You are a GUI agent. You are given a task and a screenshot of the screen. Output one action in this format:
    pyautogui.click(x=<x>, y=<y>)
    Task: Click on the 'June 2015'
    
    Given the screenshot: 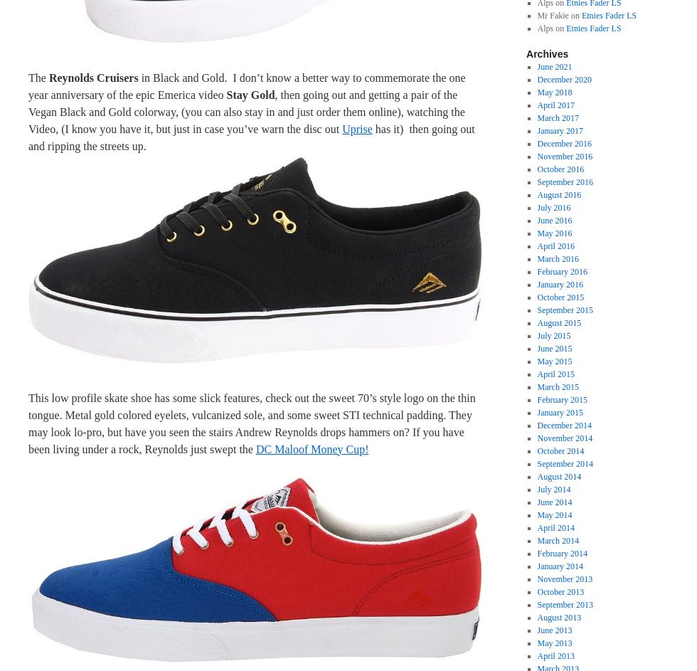 What is the action you would take?
    pyautogui.click(x=536, y=347)
    